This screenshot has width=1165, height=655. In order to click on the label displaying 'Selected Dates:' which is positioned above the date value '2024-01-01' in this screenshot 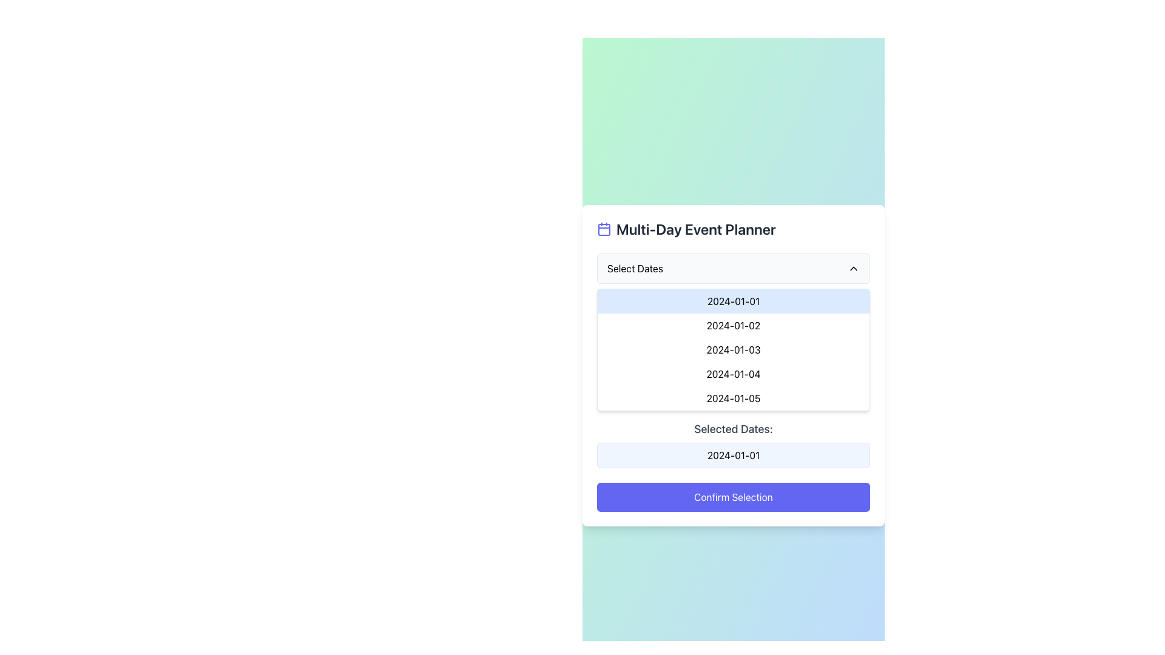, I will do `click(733, 429)`.